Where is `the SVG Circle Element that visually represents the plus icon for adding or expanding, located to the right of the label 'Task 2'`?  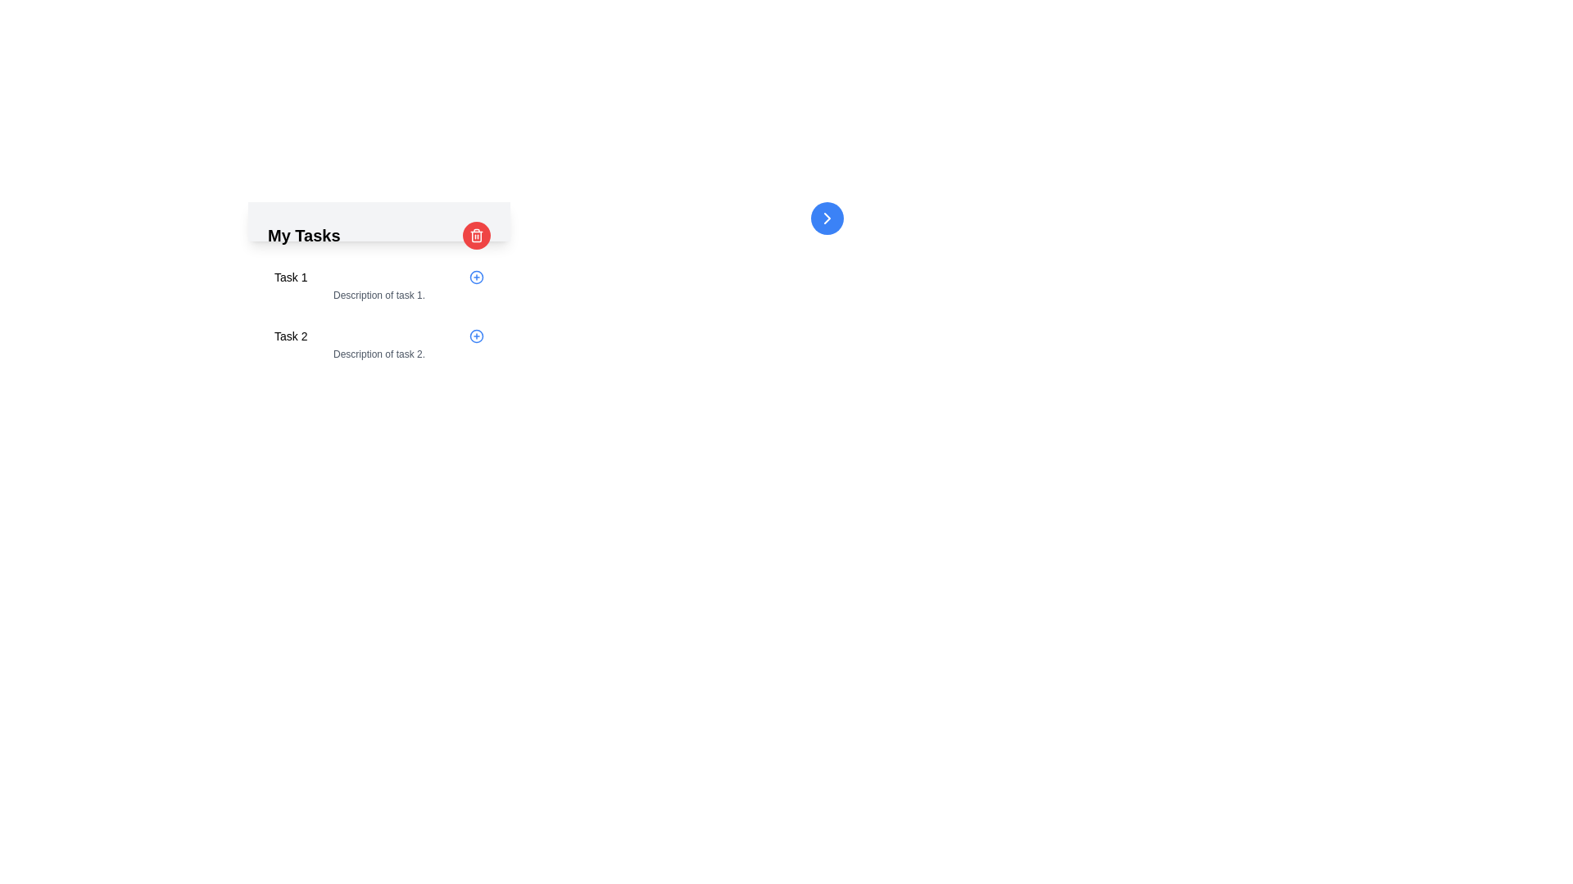
the SVG Circle Element that visually represents the plus icon for adding or expanding, located to the right of the label 'Task 2' is located at coordinates (475, 277).